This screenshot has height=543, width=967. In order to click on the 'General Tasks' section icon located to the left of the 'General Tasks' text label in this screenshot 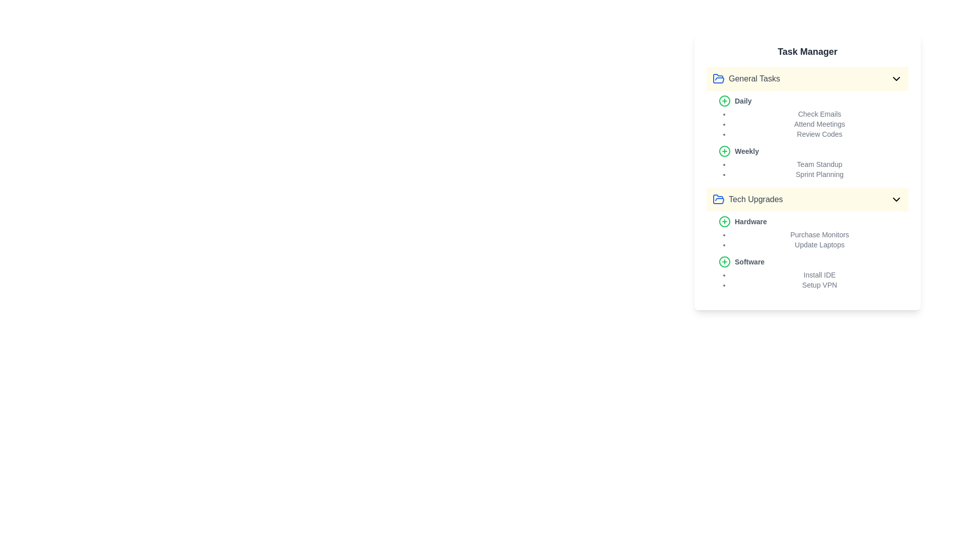, I will do `click(718, 78)`.